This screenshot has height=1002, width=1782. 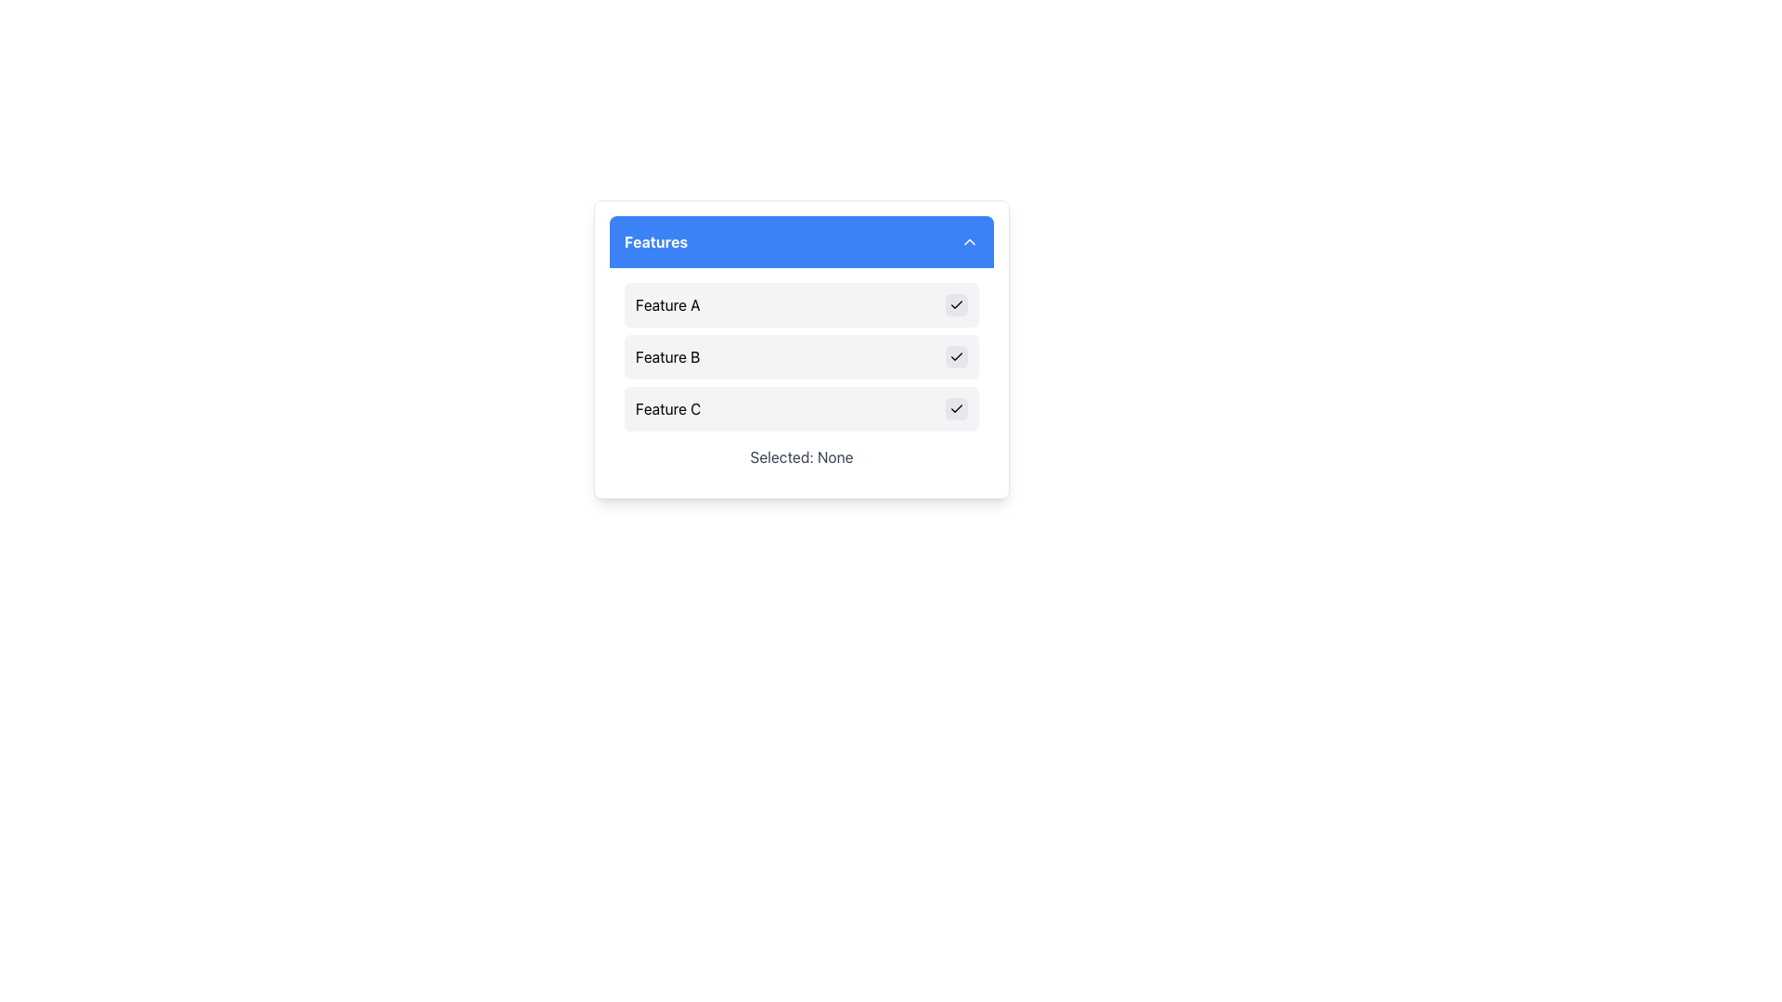 I want to click on the Interactive Icon that indicates 'Feature A' is currently selected, so click(x=957, y=303).